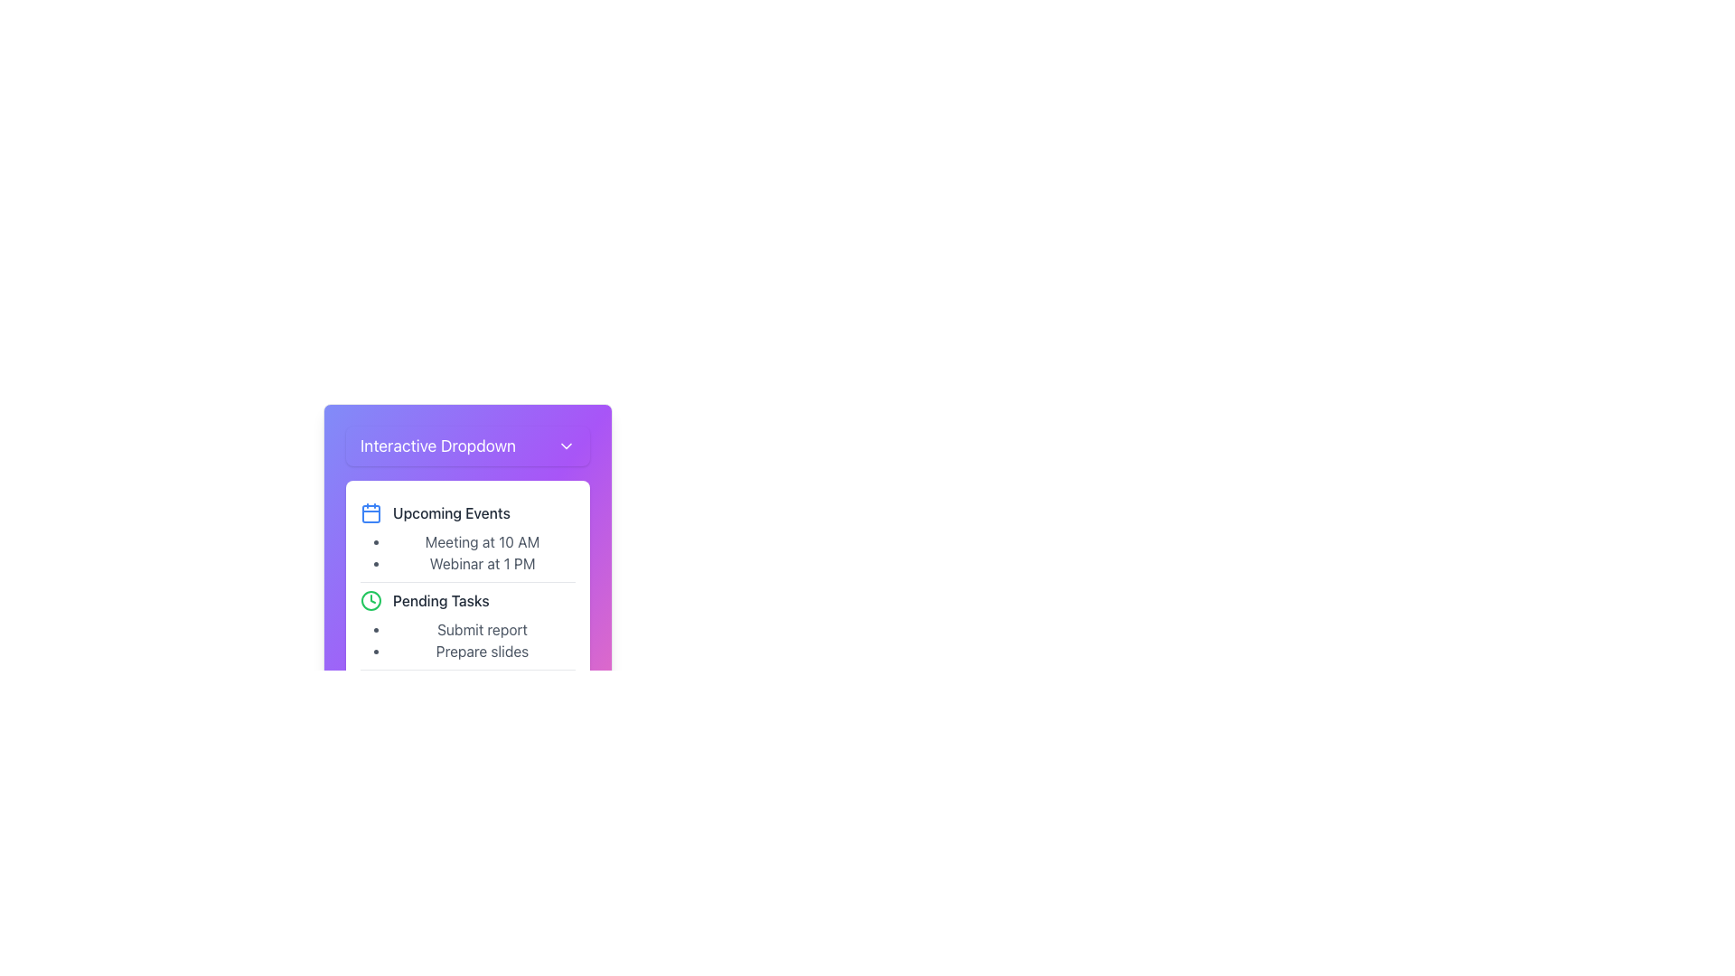 The image size is (1735, 976). I want to click on text of the label 'Upcoming Events' which is displayed in bold gray color next to a blue calendar icon, located at the top of the 'Interactive Dropdown' section, so click(468, 512).